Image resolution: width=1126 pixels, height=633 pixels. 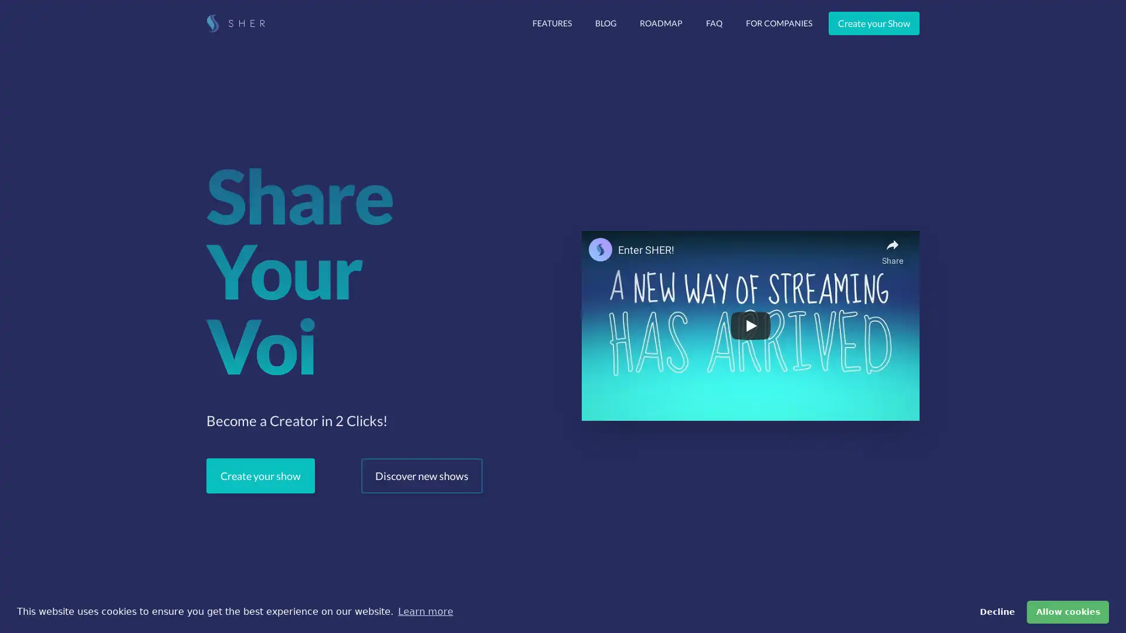 I want to click on Create your Show, so click(x=874, y=23).